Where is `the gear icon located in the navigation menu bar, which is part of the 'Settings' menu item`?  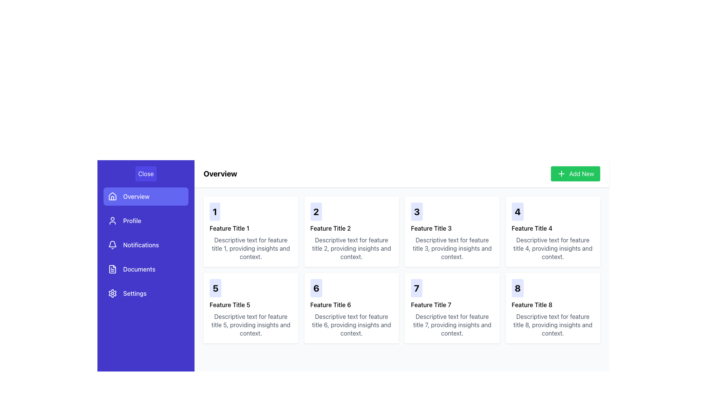 the gear icon located in the navigation menu bar, which is part of the 'Settings' menu item is located at coordinates (112, 293).